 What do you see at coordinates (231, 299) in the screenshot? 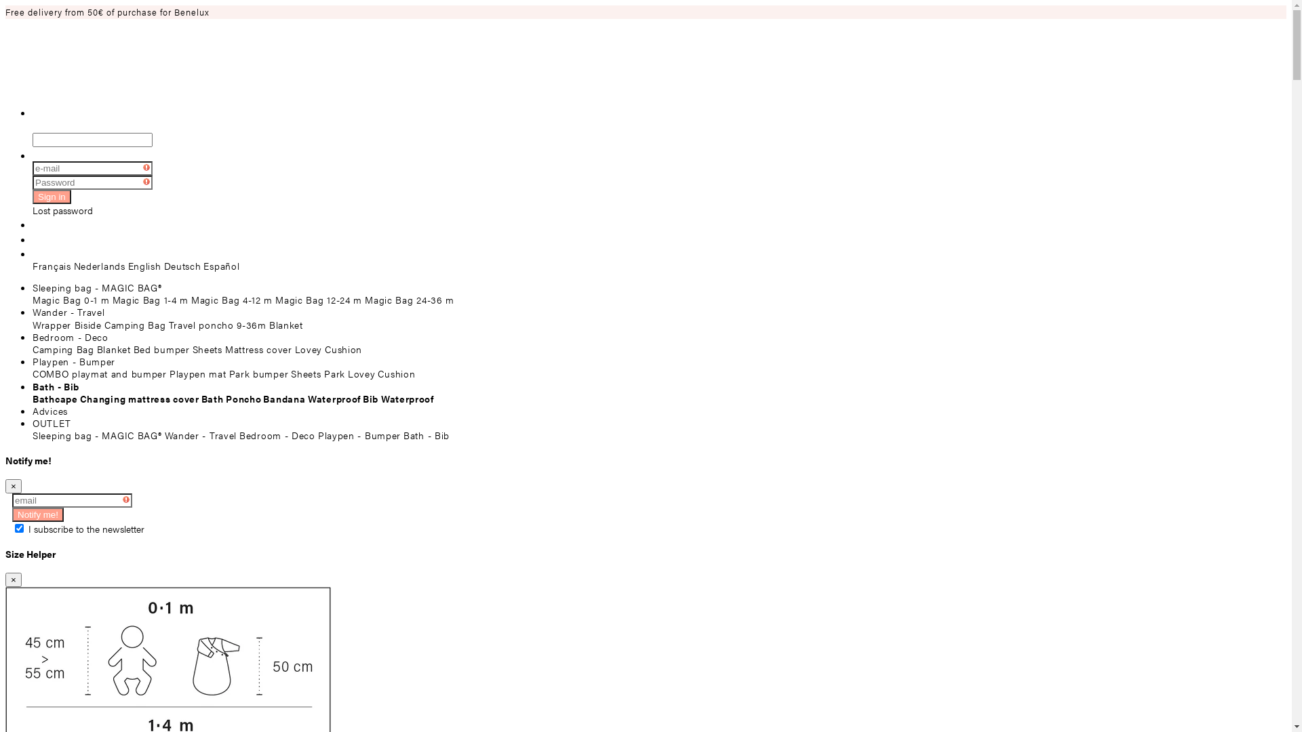
I see `'Magic Bag 4-12 m'` at bounding box center [231, 299].